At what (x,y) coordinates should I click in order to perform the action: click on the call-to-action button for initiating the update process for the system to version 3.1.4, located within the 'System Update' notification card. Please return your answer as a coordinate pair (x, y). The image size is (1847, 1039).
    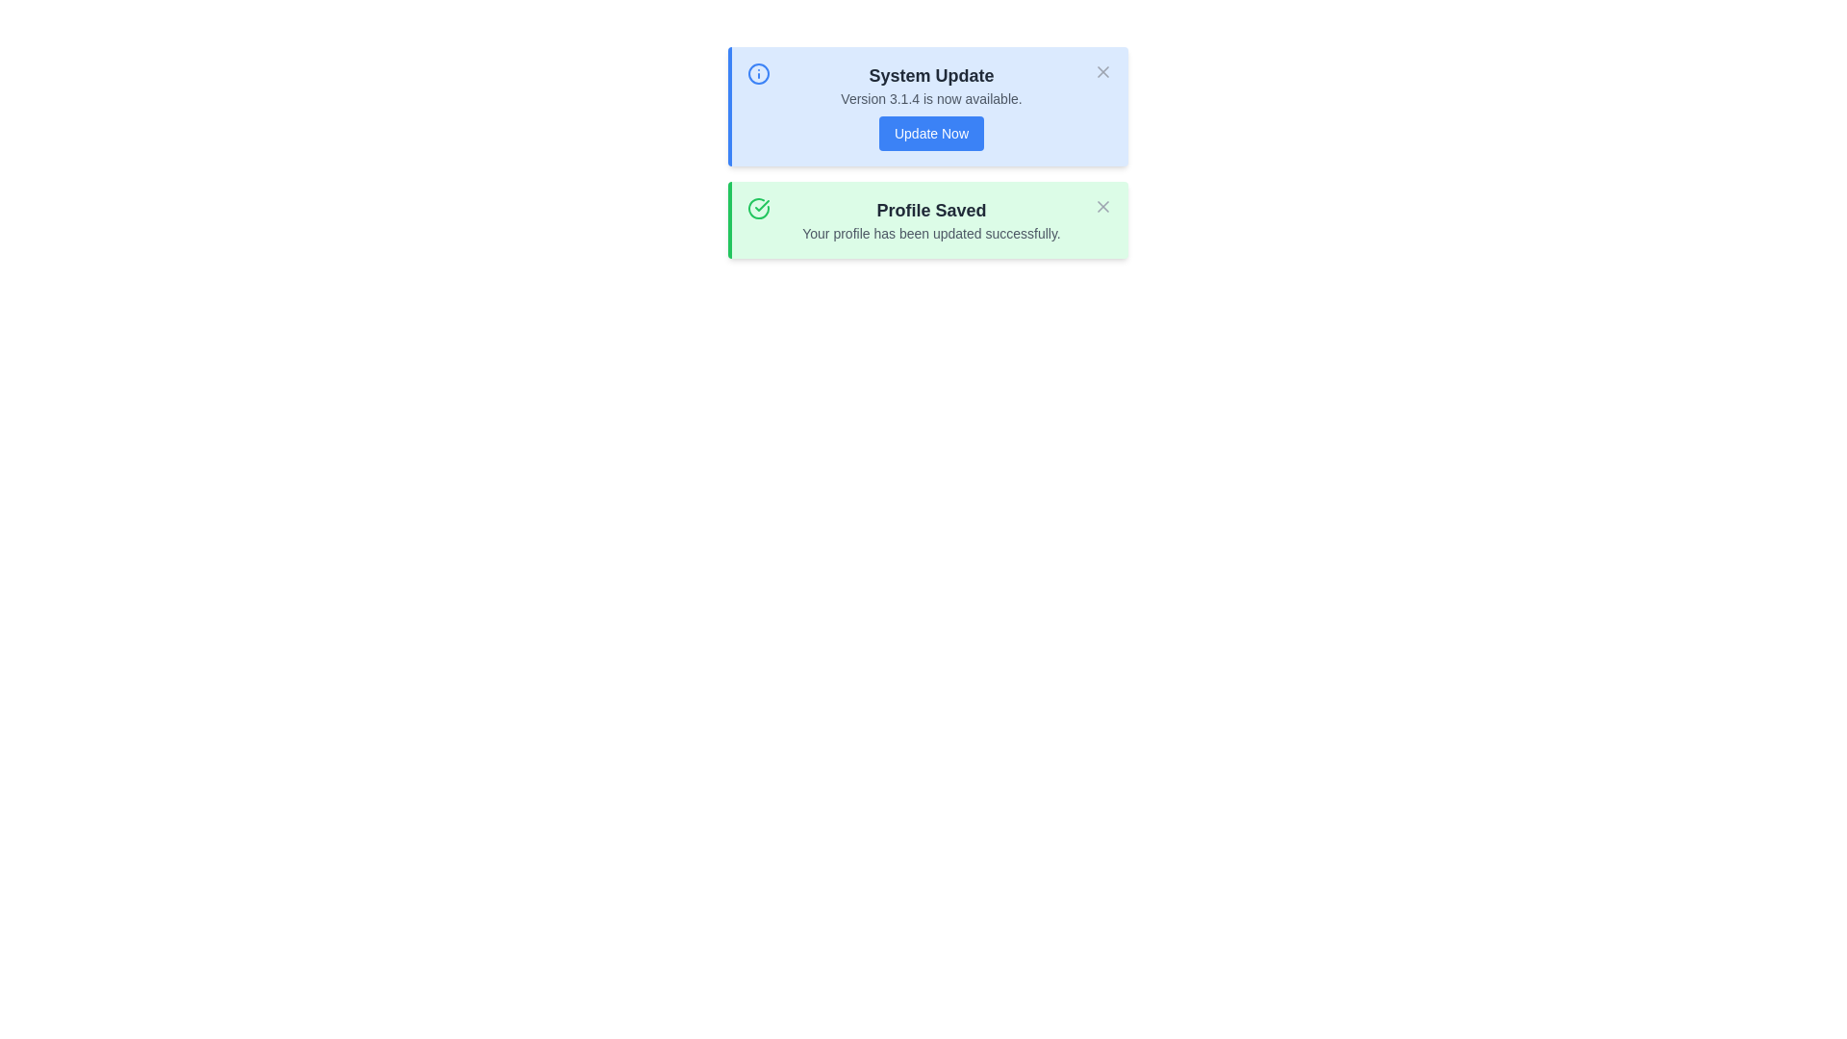
    Looking at the image, I should click on (931, 132).